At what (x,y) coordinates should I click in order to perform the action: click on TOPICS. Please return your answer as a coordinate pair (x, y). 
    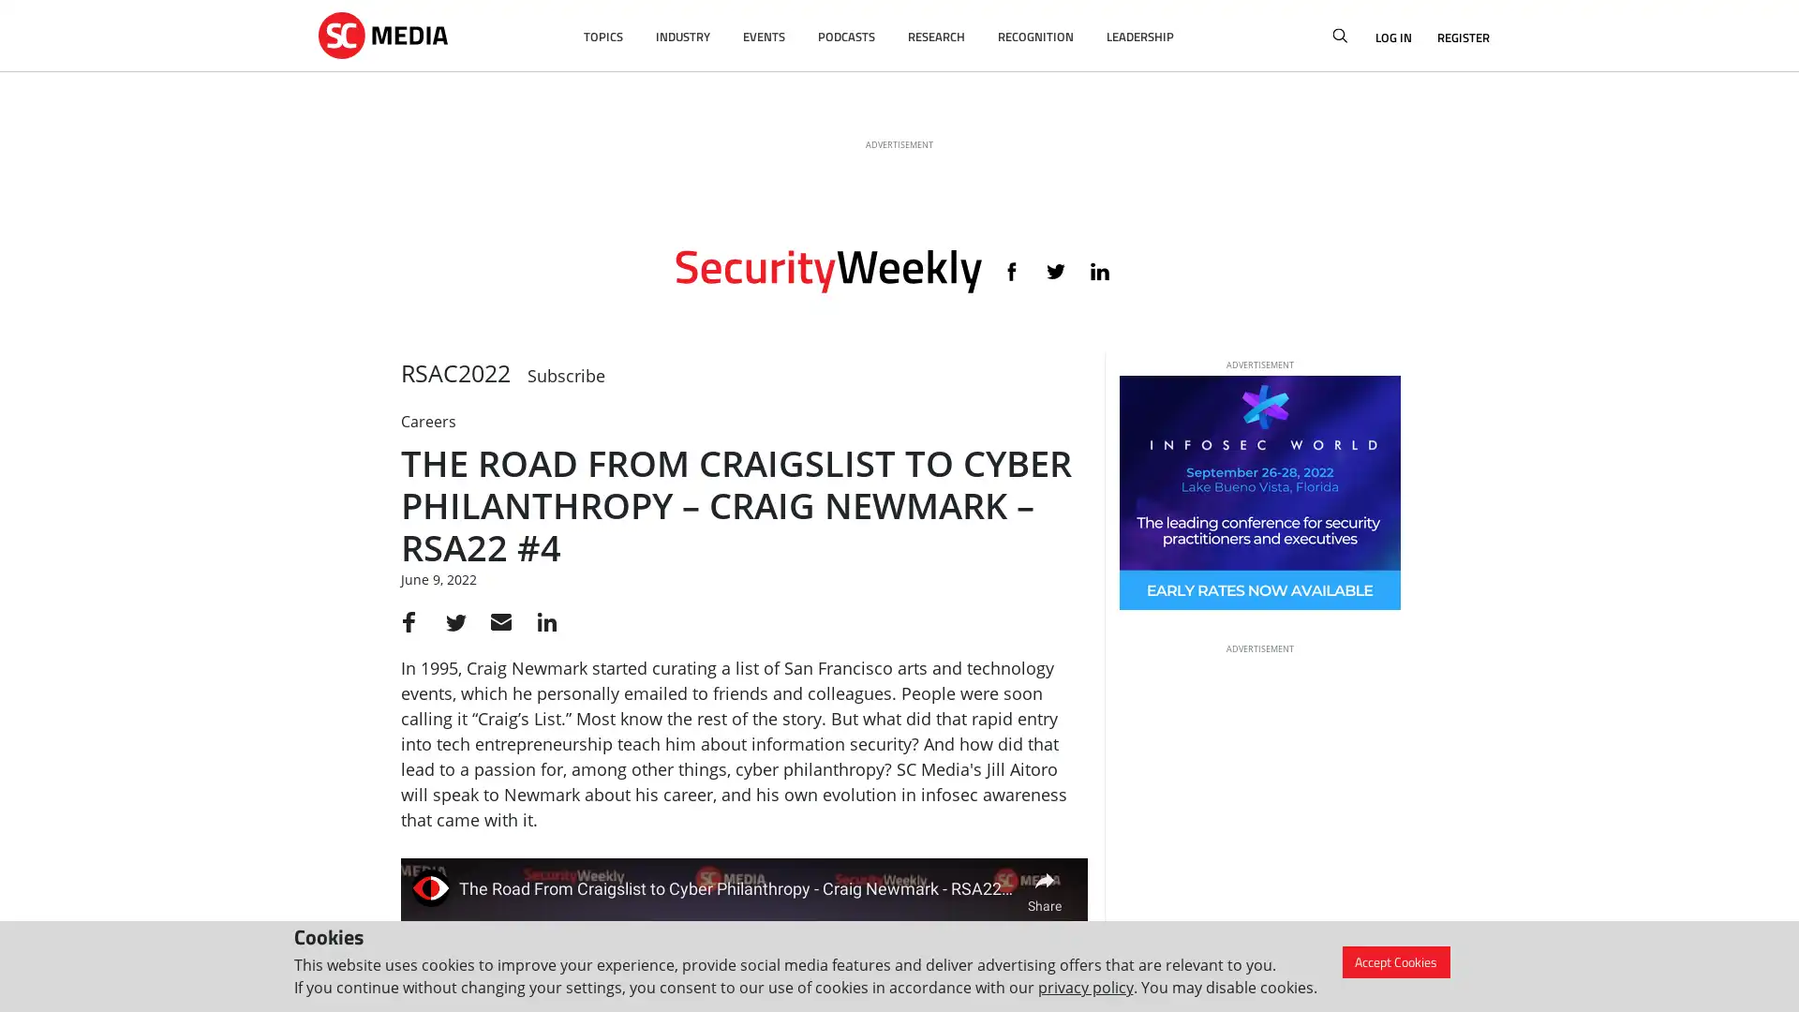
    Looking at the image, I should click on (602, 37).